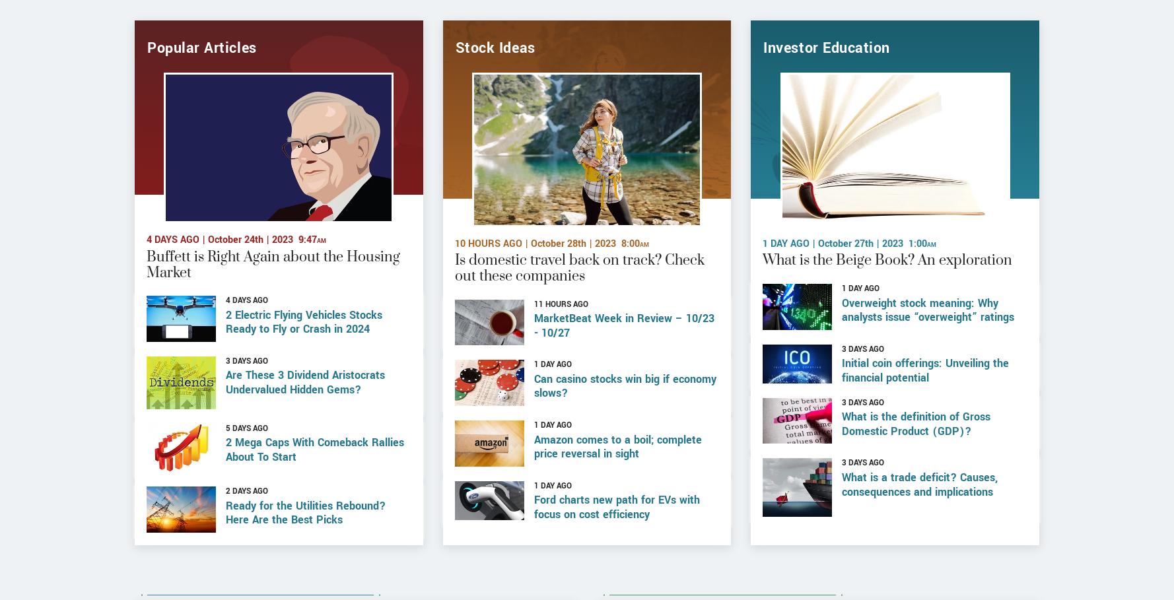  I want to click on 'Are These 3 Dividend Aristocrats Undervalued Hidden Gems?', so click(304, 432).